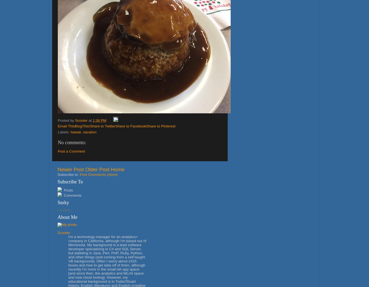 Image resolution: width=369 pixels, height=287 pixels. Describe the element at coordinates (58, 132) in the screenshot. I see `'Labels:'` at that location.